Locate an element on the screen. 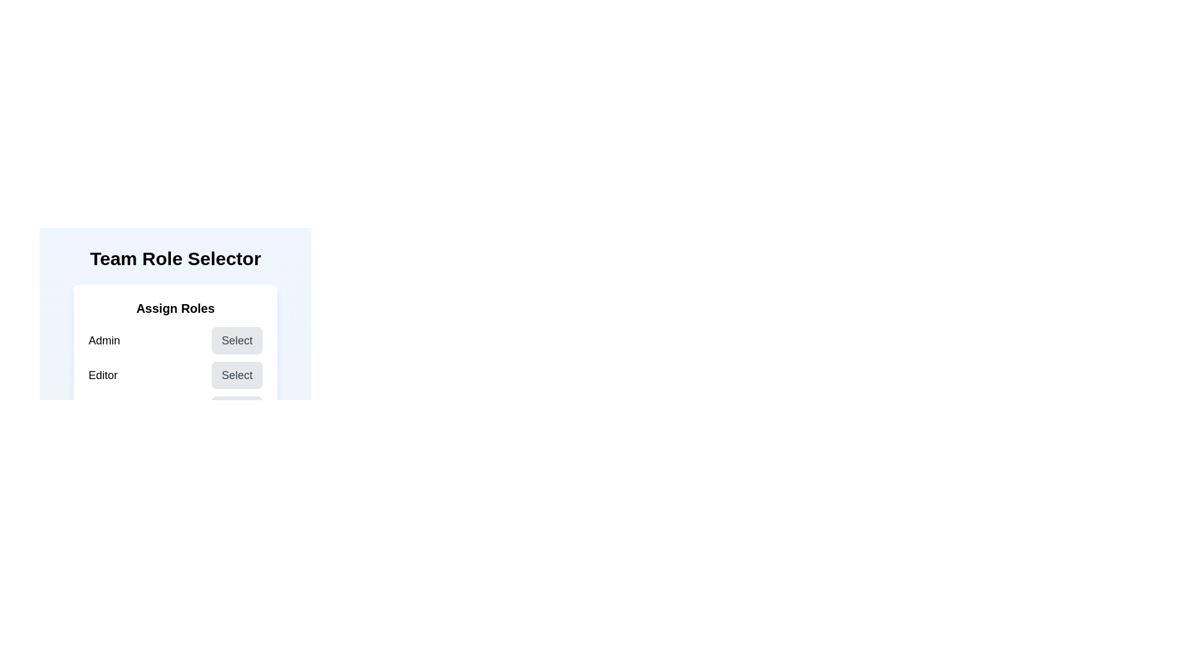 The height and width of the screenshot is (669, 1189). 'Select' button for the Admin role is located at coordinates (237, 341).